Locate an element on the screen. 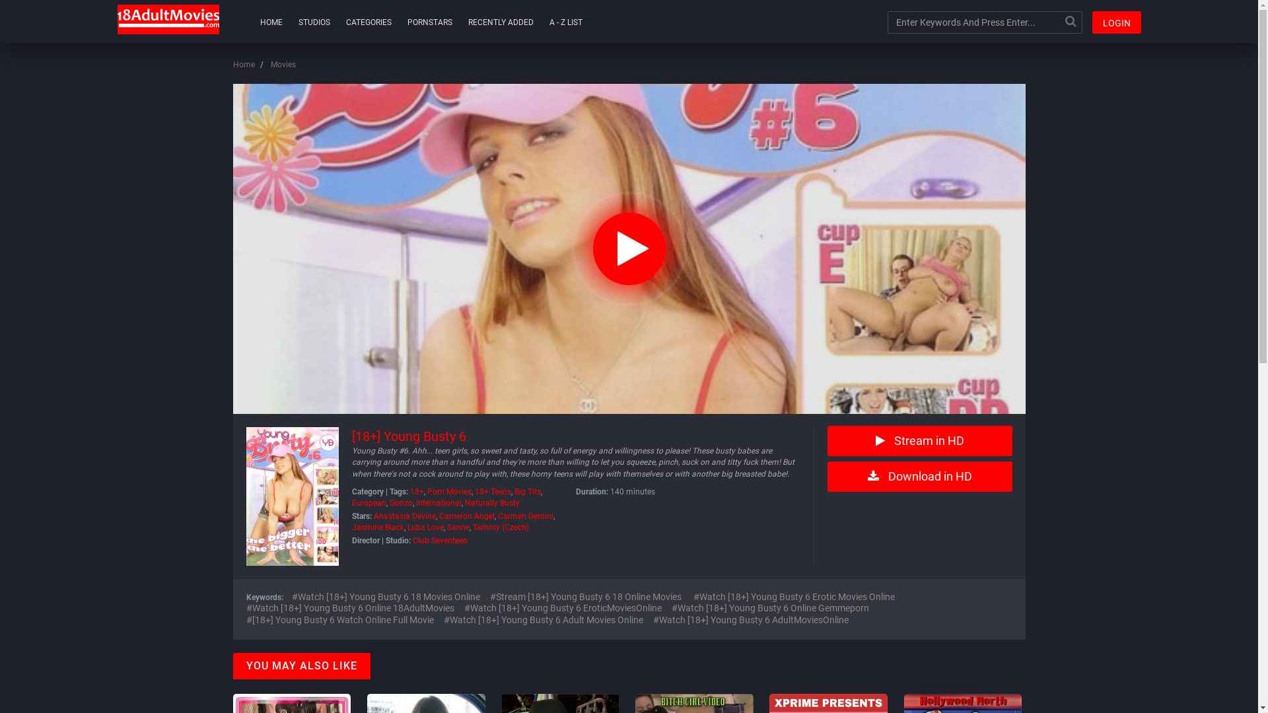  'Search' is located at coordinates (1071, 22).